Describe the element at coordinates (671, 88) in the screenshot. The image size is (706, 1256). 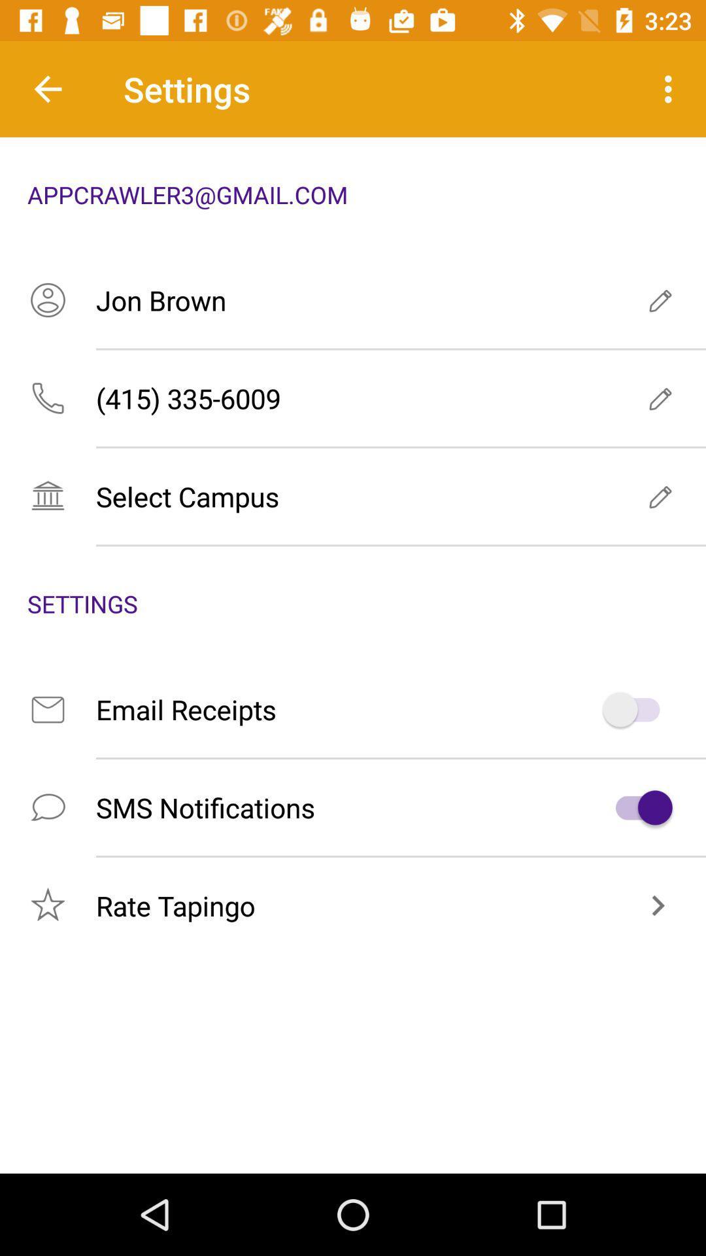
I see `item next to settings` at that location.